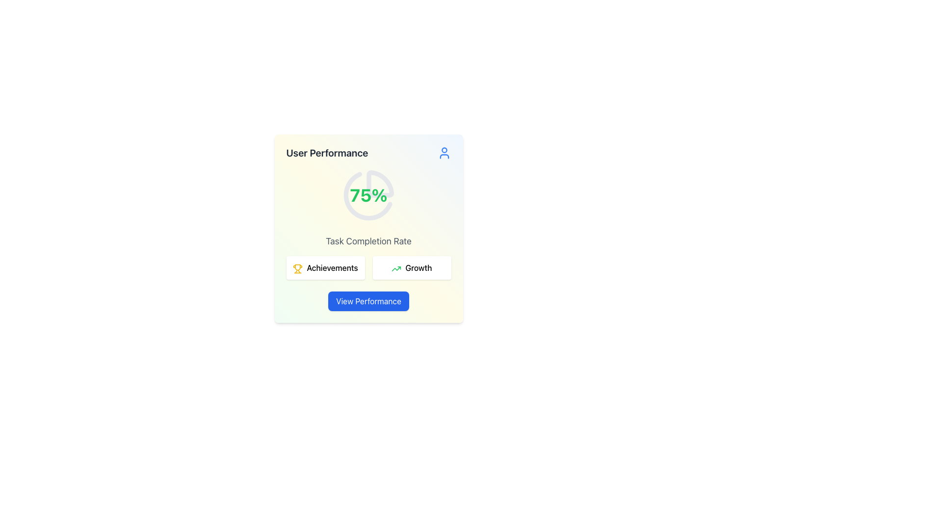 This screenshot has height=530, width=942. Describe the element at coordinates (368, 300) in the screenshot. I see `the button located at the bottom of the performance metrics card` at that location.